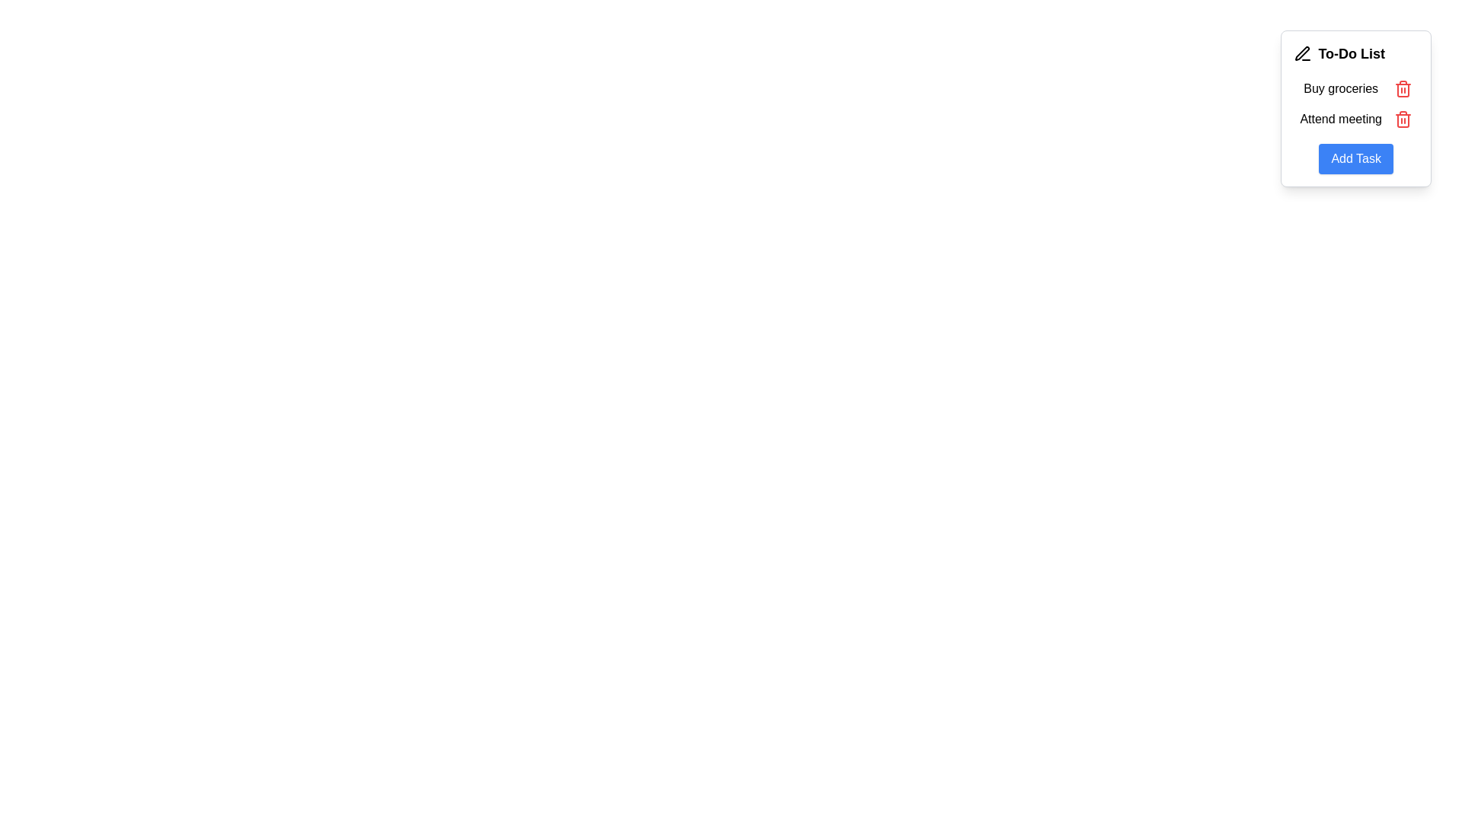 The width and height of the screenshot is (1462, 822). Describe the element at coordinates (1403, 88) in the screenshot. I see `the trash can icon button, which is styled with a red color fill and is located to the right of the text 'Buy groceries' in the 'To-Do List' application, to trigger the hover effect` at that location.